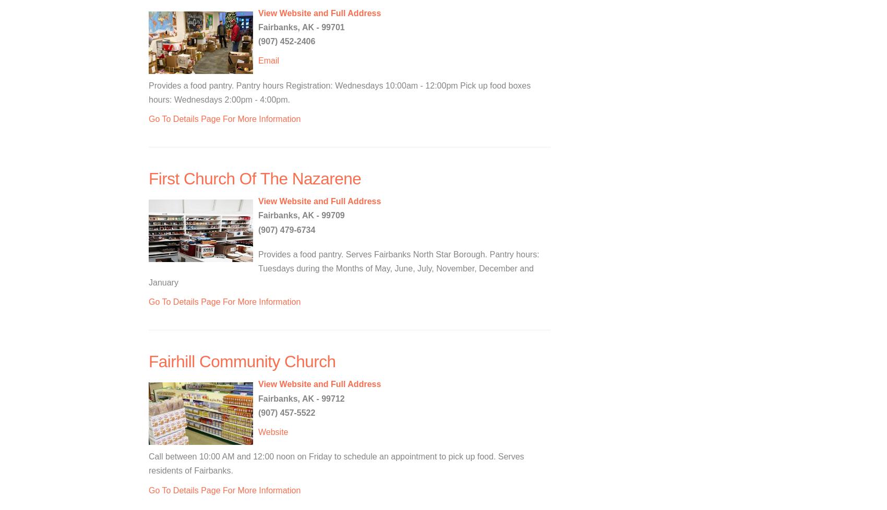 This screenshot has width=887, height=510. What do you see at coordinates (258, 397) in the screenshot?
I see `'Fairbanks, AK - 99712'` at bounding box center [258, 397].